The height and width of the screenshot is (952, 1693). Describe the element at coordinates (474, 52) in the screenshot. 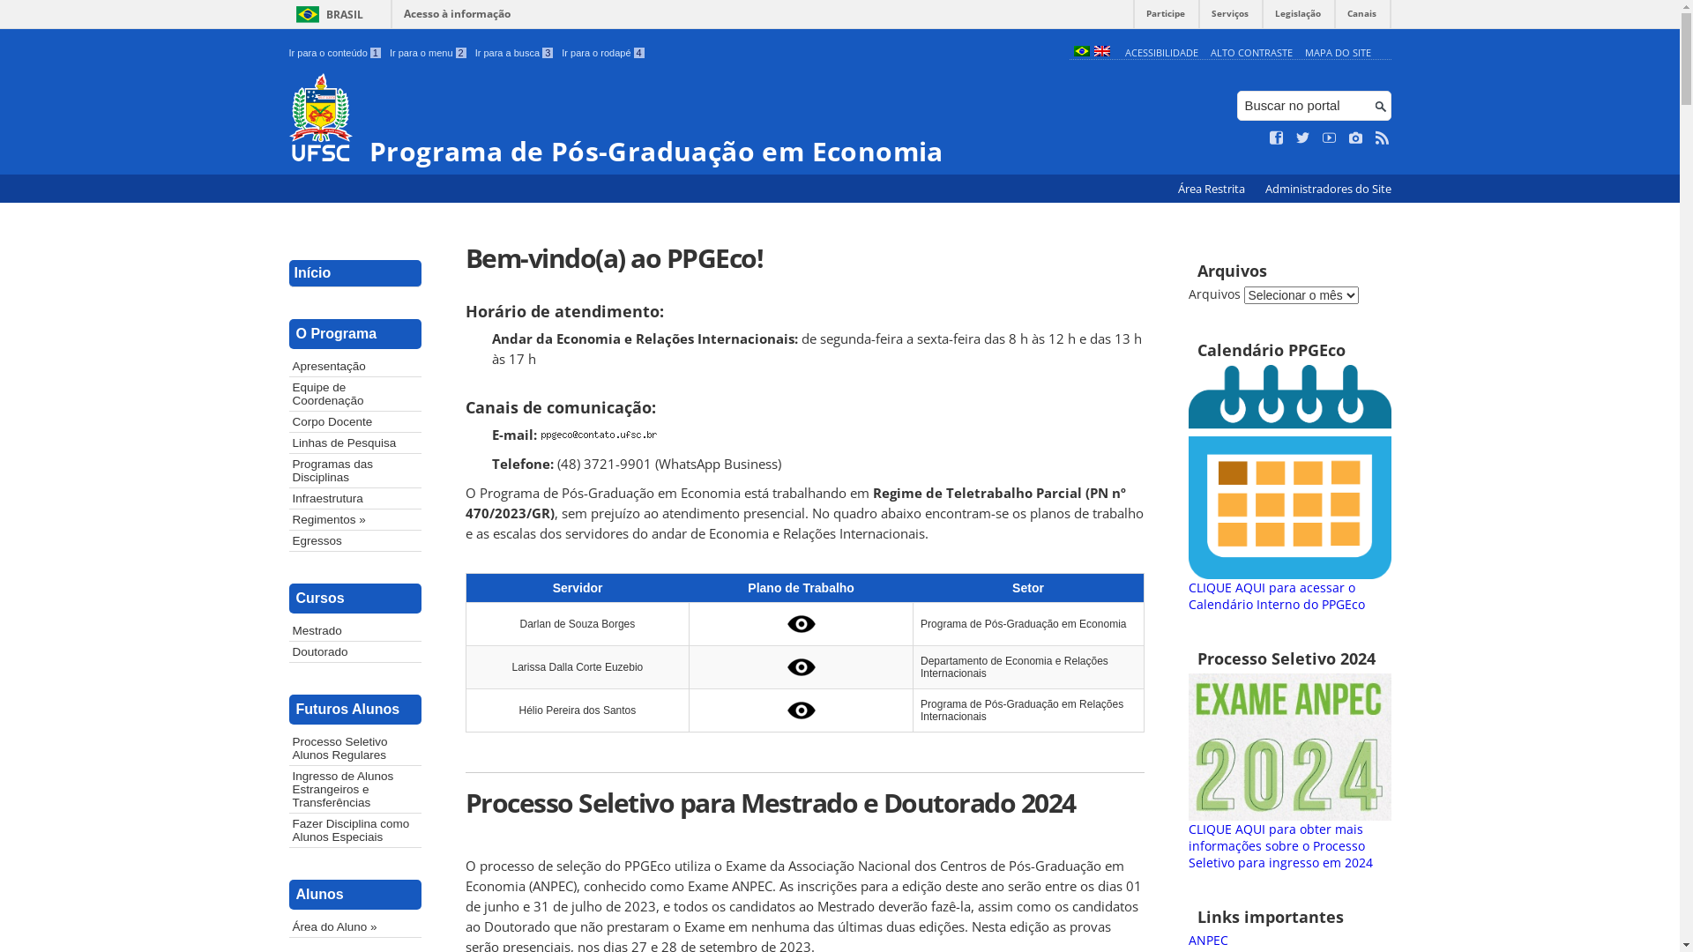

I see `'Ir para a busca 3'` at that location.